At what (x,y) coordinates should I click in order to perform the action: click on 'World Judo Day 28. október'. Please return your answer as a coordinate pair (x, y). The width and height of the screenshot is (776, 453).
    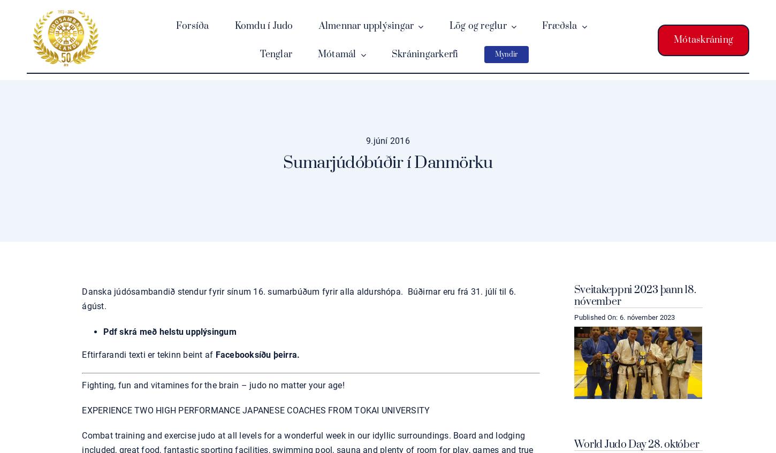
    Looking at the image, I should click on (574, 444).